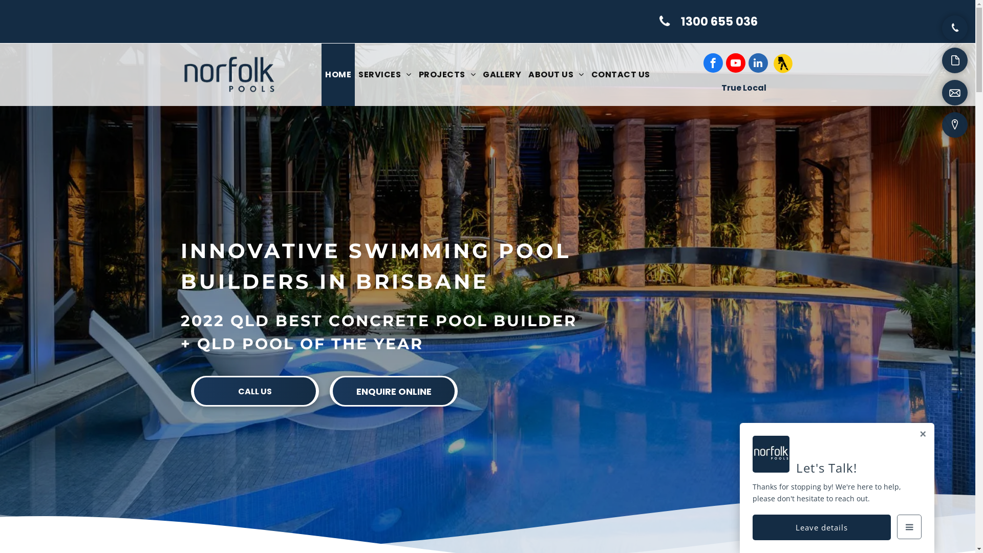  What do you see at coordinates (620, 74) in the screenshot?
I see `'CONTACT US'` at bounding box center [620, 74].